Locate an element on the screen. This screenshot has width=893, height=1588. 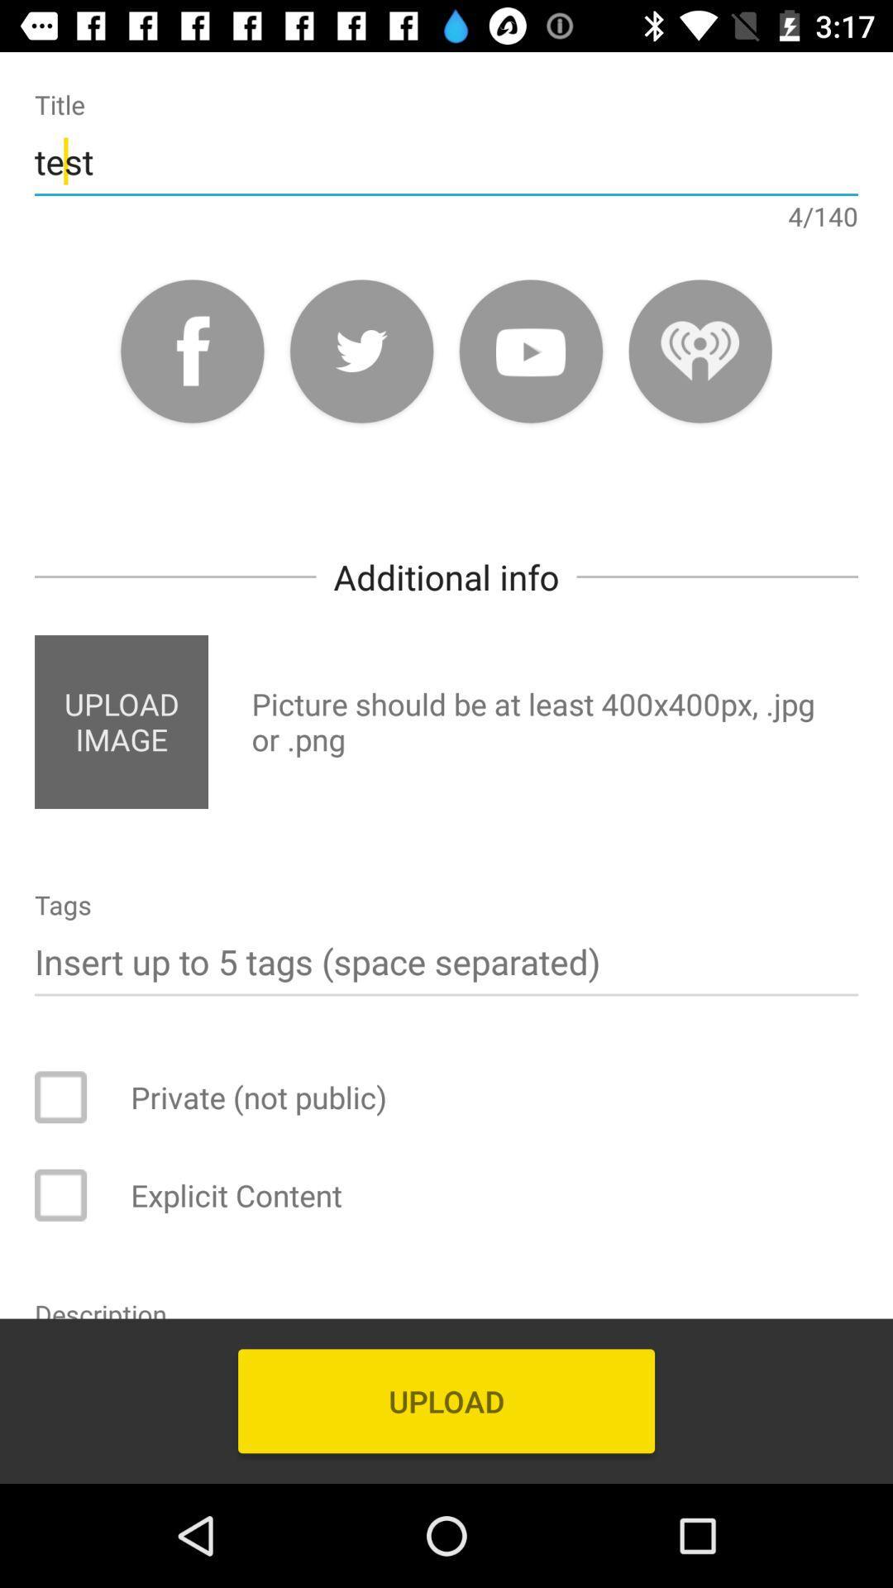
explain the content is located at coordinates (71, 1195).